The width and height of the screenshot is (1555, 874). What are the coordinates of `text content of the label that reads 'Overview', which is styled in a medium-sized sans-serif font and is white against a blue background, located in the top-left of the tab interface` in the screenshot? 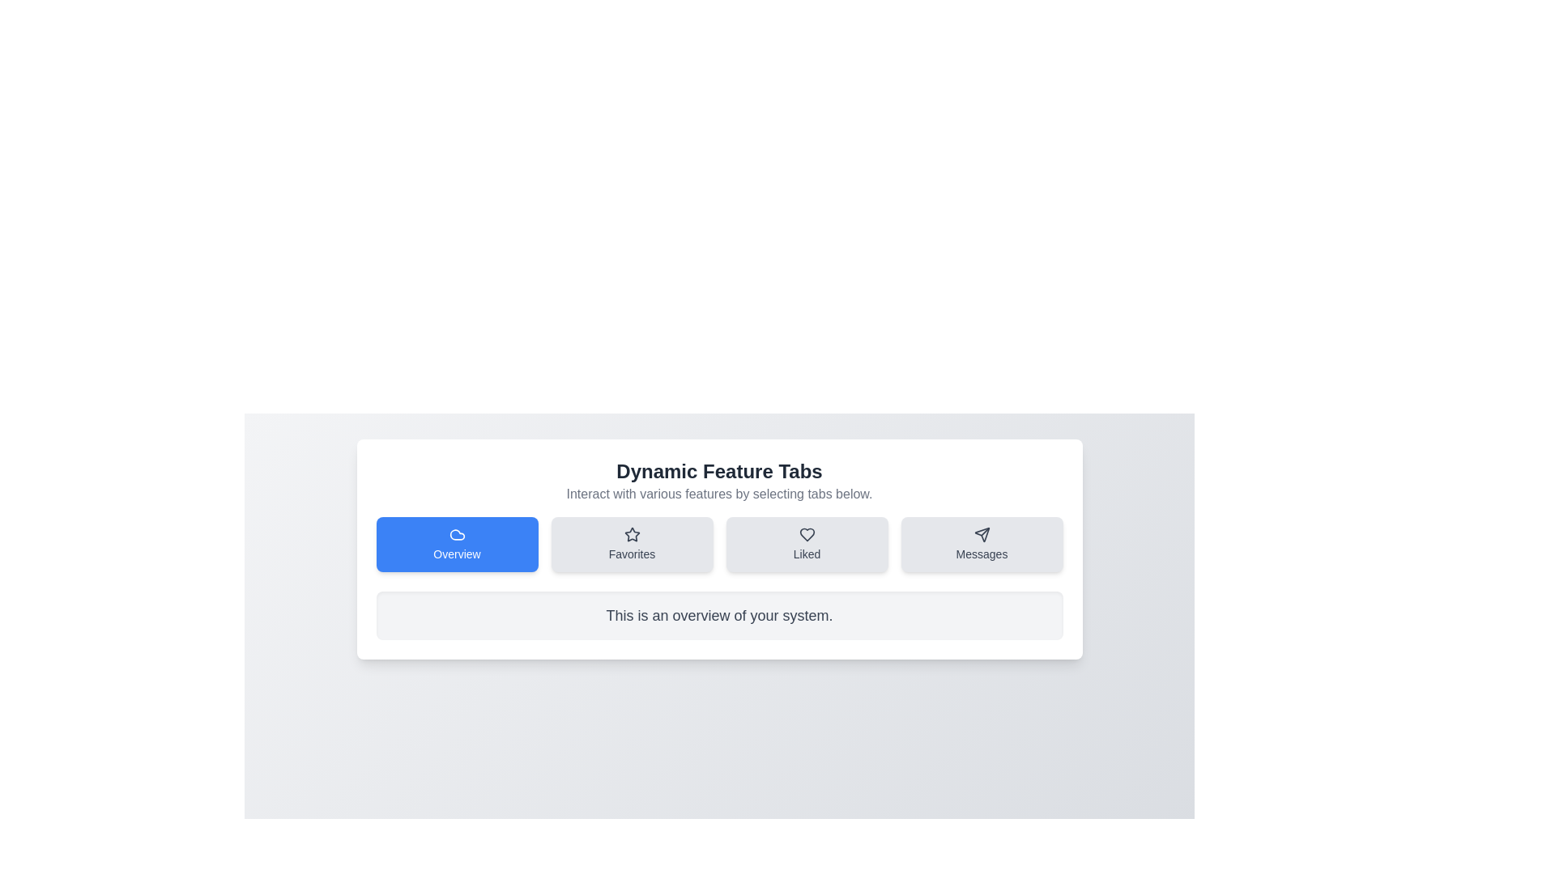 It's located at (456, 554).